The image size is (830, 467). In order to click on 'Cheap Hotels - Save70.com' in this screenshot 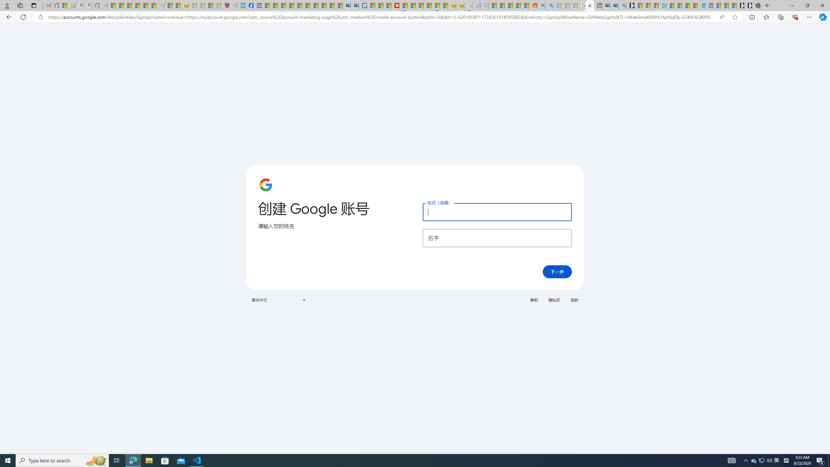, I will do `click(354, 5)`.